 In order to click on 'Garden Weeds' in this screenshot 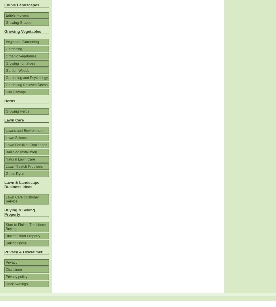, I will do `click(17, 70)`.